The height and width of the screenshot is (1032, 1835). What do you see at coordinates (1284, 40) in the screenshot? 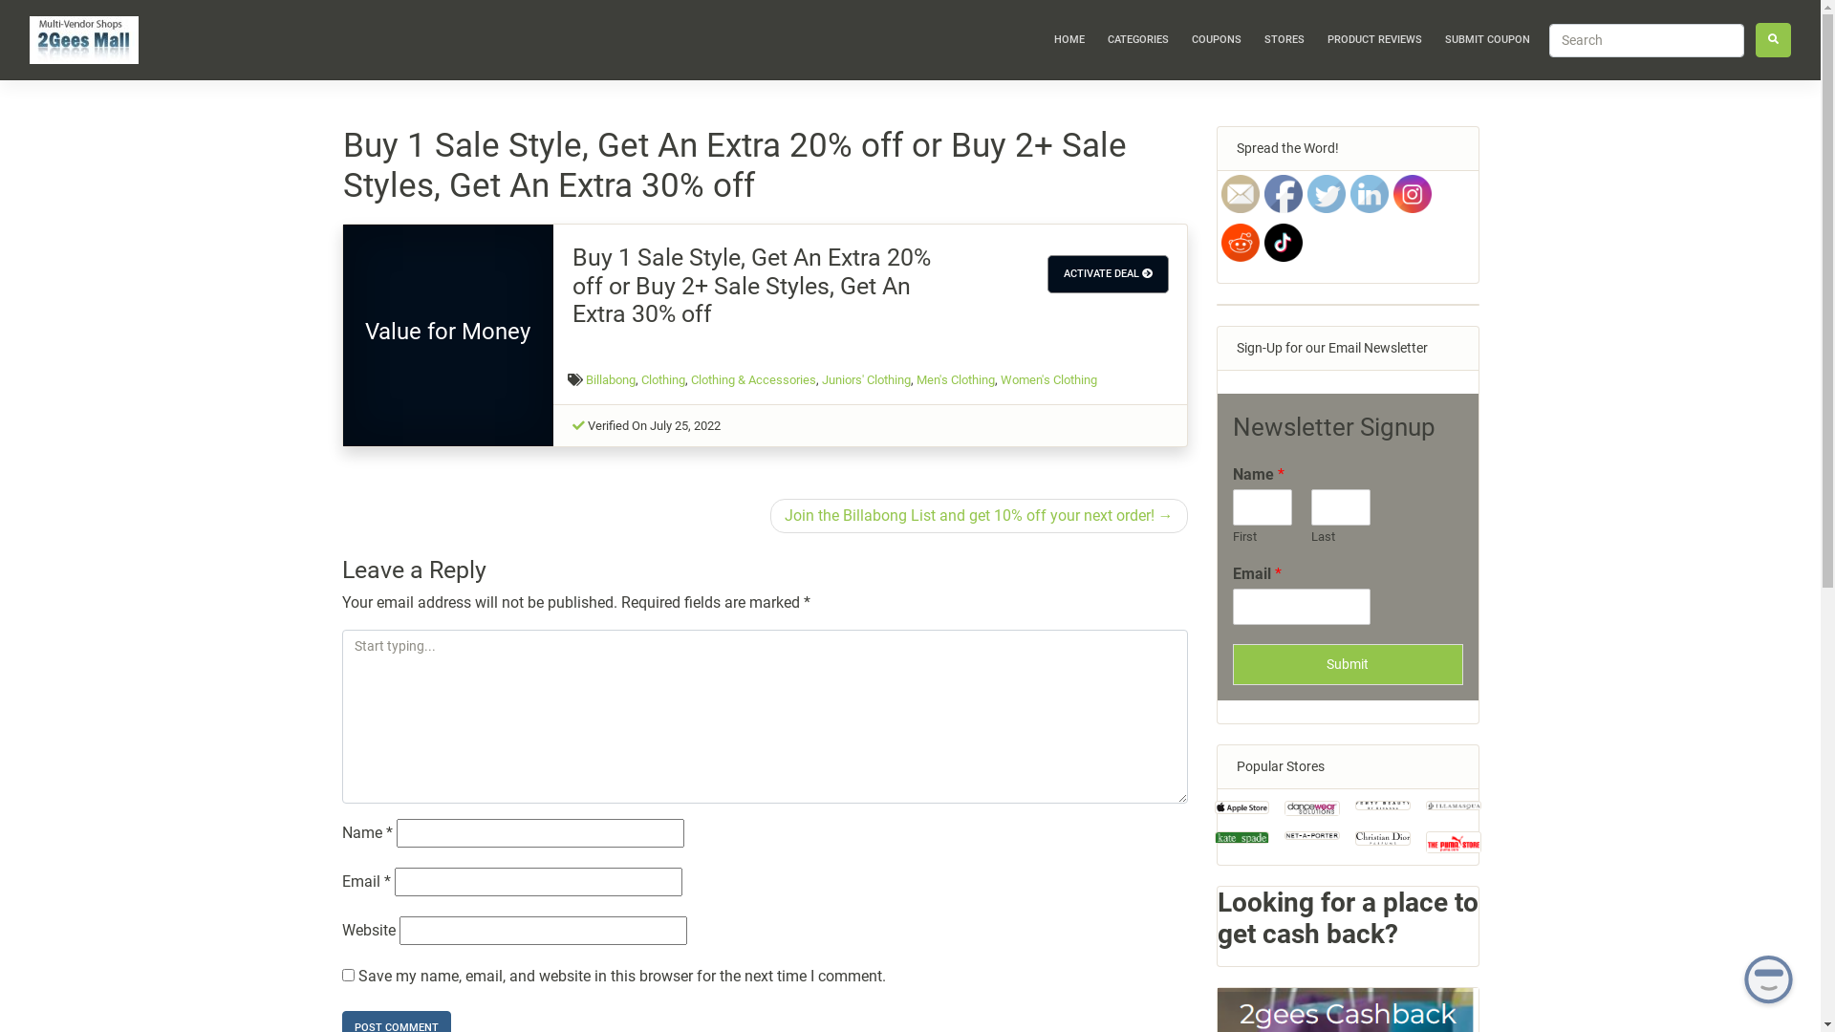
I see `'STORES'` at bounding box center [1284, 40].